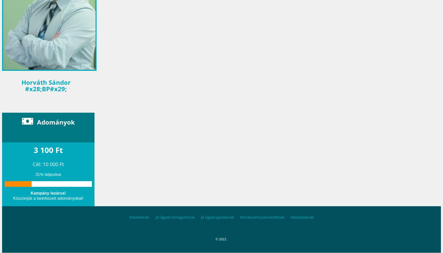  I want to click on 'Jó Ügyek támogatóinak', so click(175, 217).